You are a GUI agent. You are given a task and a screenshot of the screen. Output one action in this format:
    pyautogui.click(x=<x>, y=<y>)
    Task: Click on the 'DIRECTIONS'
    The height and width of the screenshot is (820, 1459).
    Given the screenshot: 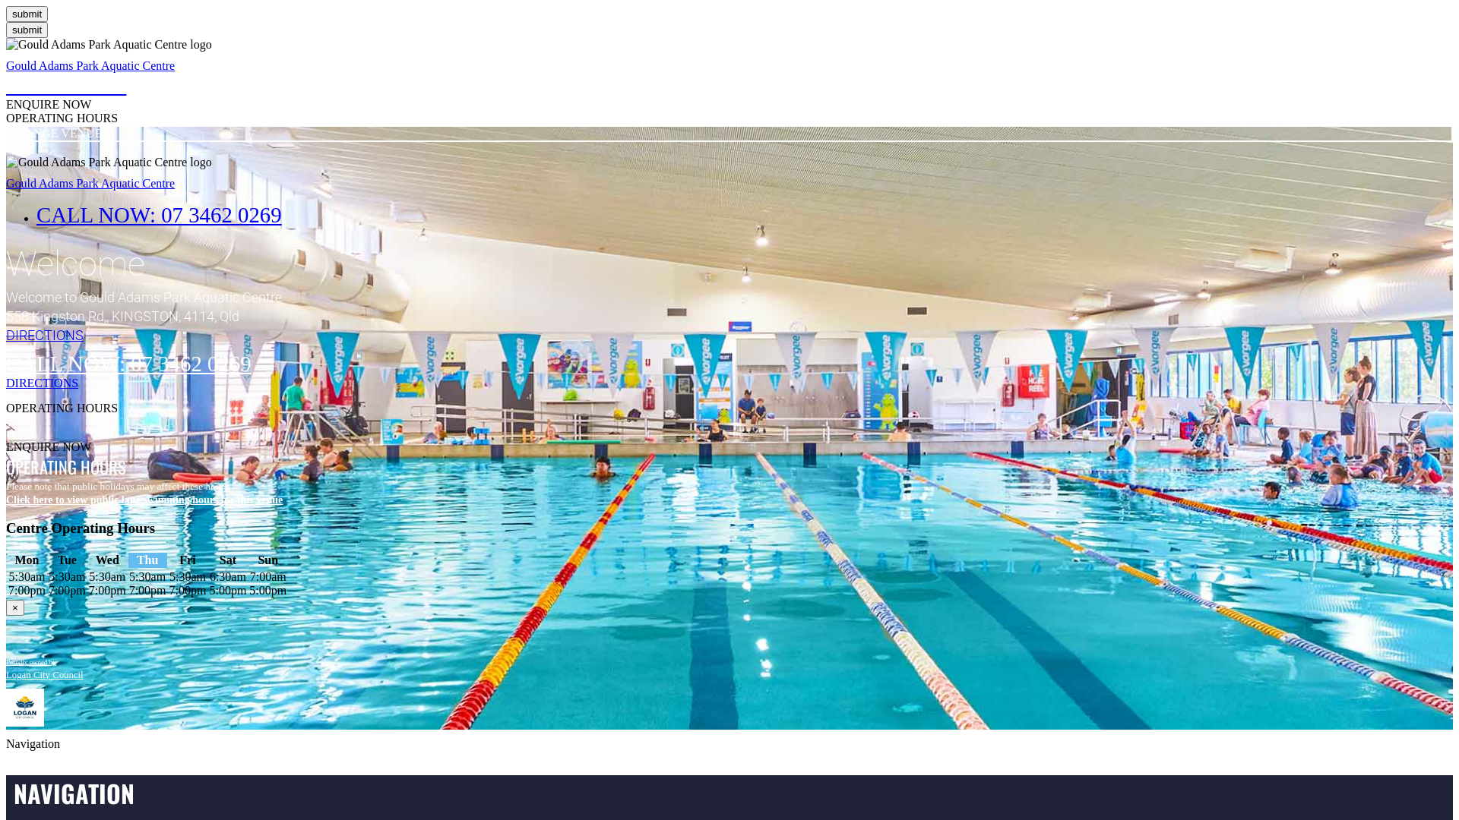 What is the action you would take?
    pyautogui.click(x=6, y=334)
    